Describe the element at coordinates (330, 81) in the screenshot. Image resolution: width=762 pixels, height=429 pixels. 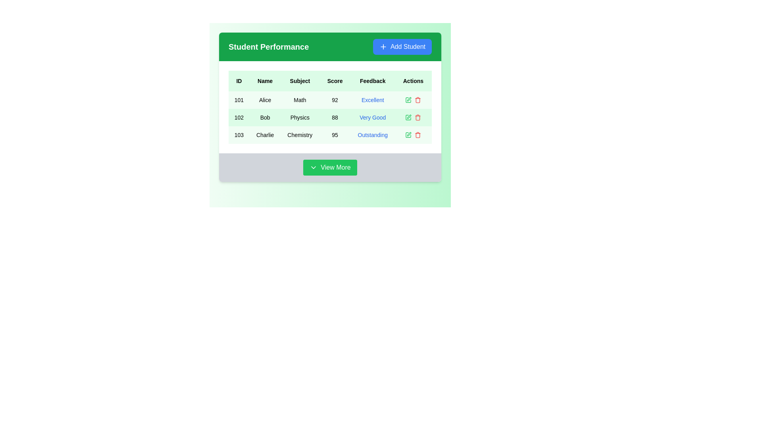
I see `the Table Header which includes the column titles: 'ID', 'Name', 'Subject', 'Score', 'Feedback', and 'Actions'` at that location.